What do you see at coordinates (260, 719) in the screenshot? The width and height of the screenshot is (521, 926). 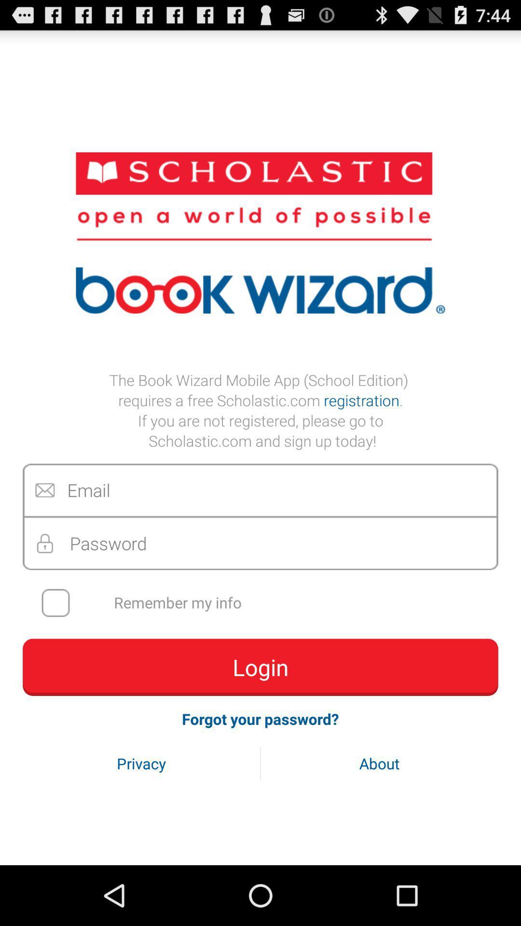 I see `the forgot your password?` at bounding box center [260, 719].